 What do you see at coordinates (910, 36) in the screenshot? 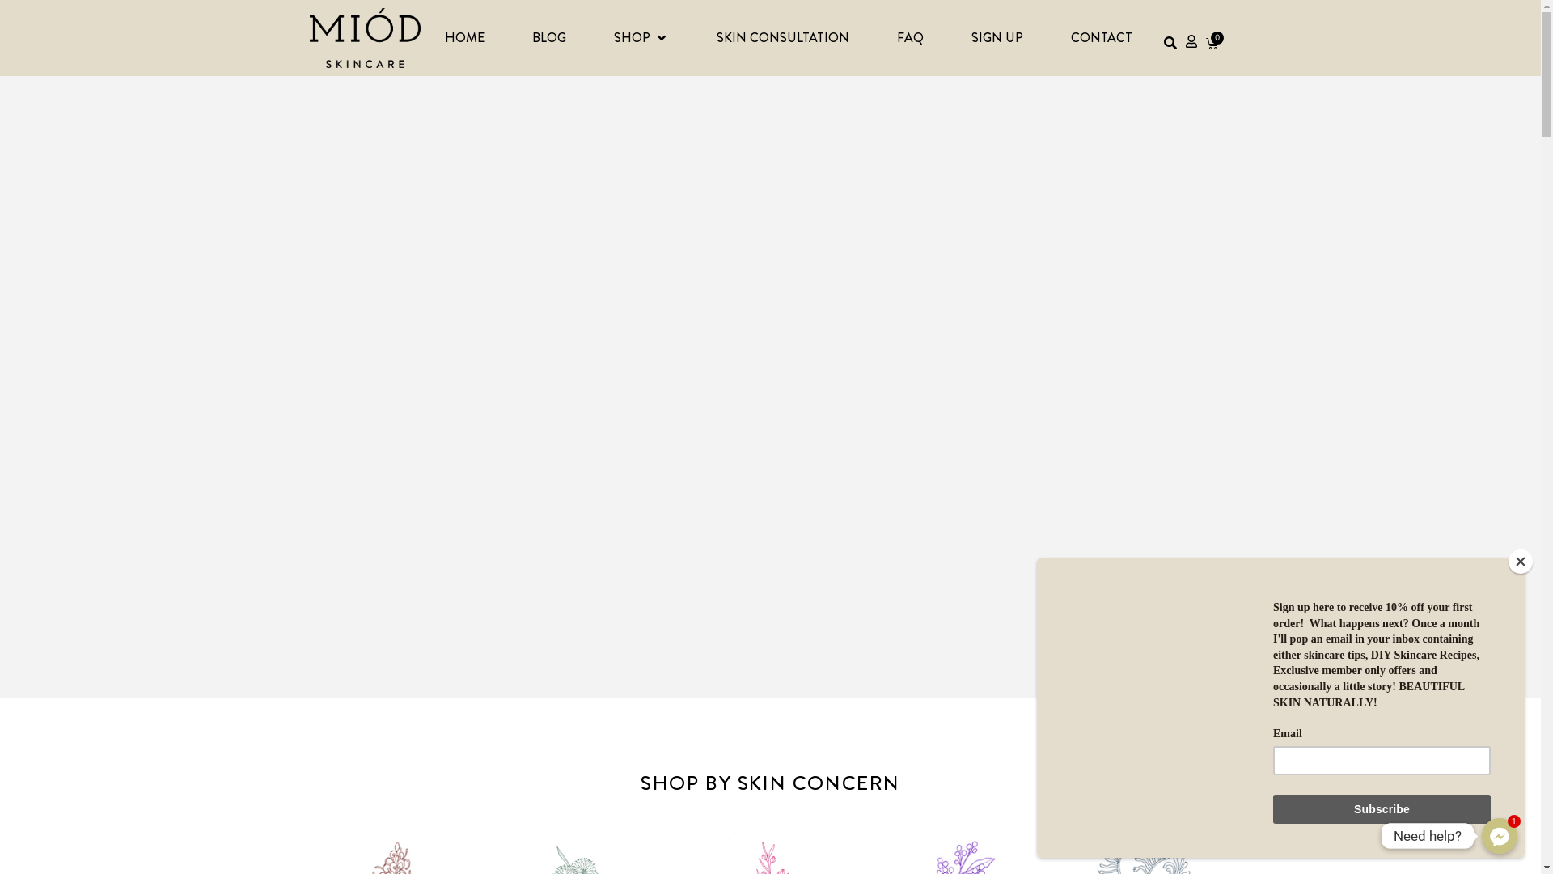
I see `'FAQ'` at bounding box center [910, 36].